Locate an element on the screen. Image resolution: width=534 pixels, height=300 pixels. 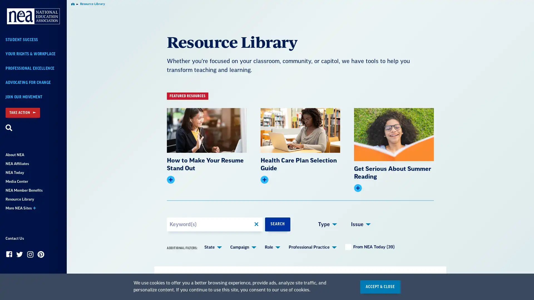
Clear all filters Remove filter is located at coordinates (273, 280).